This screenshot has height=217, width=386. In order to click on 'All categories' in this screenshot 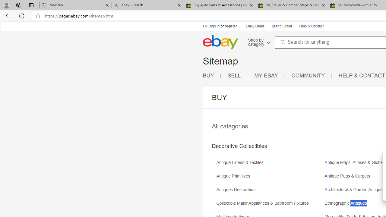, I will do `click(229, 126)`.